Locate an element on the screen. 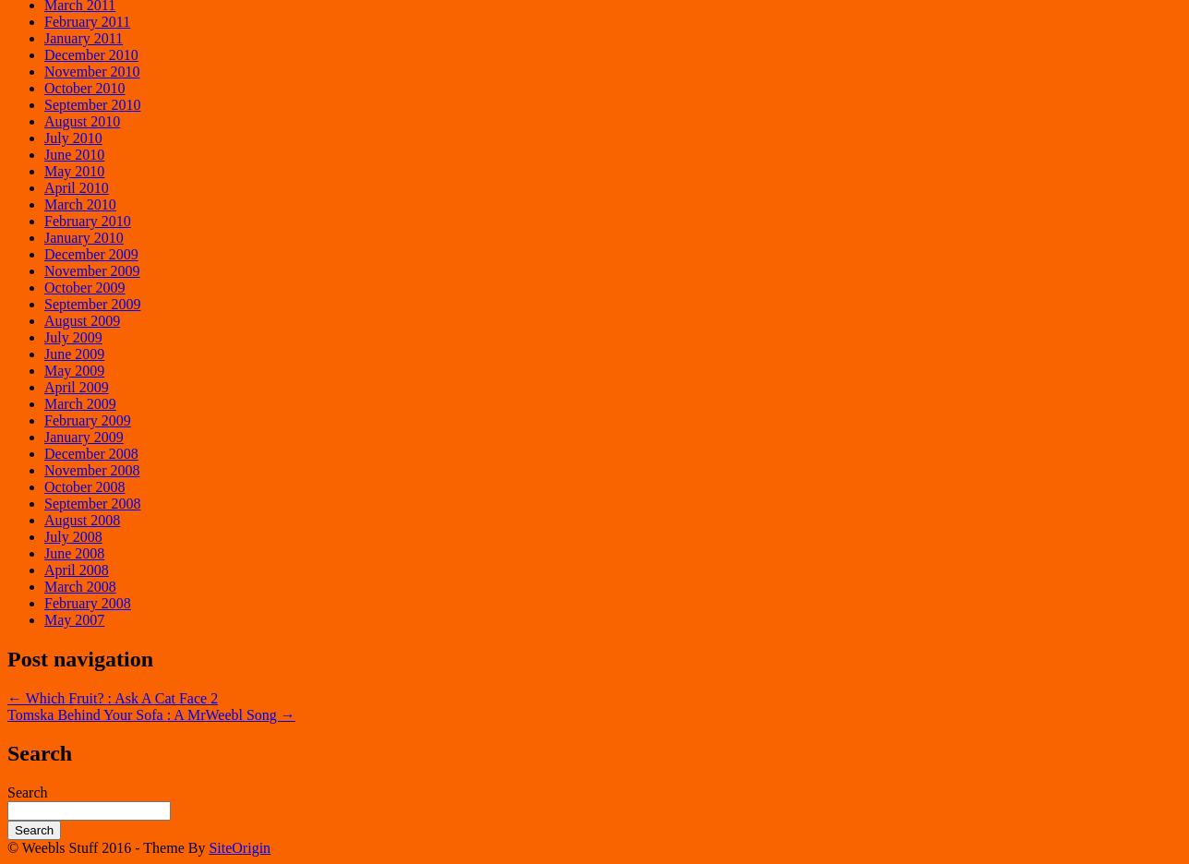 The image size is (1189, 864). 'September 2009' is located at coordinates (91, 302).